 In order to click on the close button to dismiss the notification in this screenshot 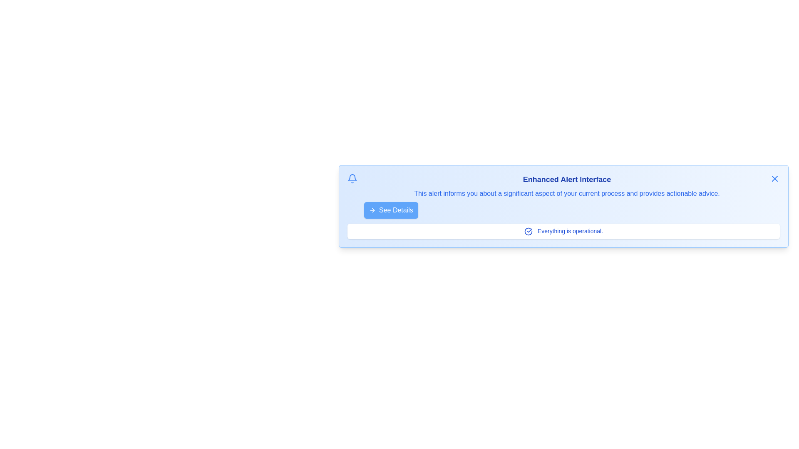, I will do `click(774, 178)`.